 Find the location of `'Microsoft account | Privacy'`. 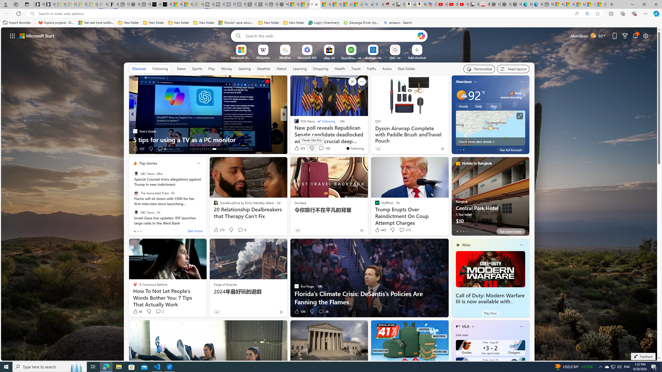

'Microsoft account | Privacy' is located at coordinates (569, 4).